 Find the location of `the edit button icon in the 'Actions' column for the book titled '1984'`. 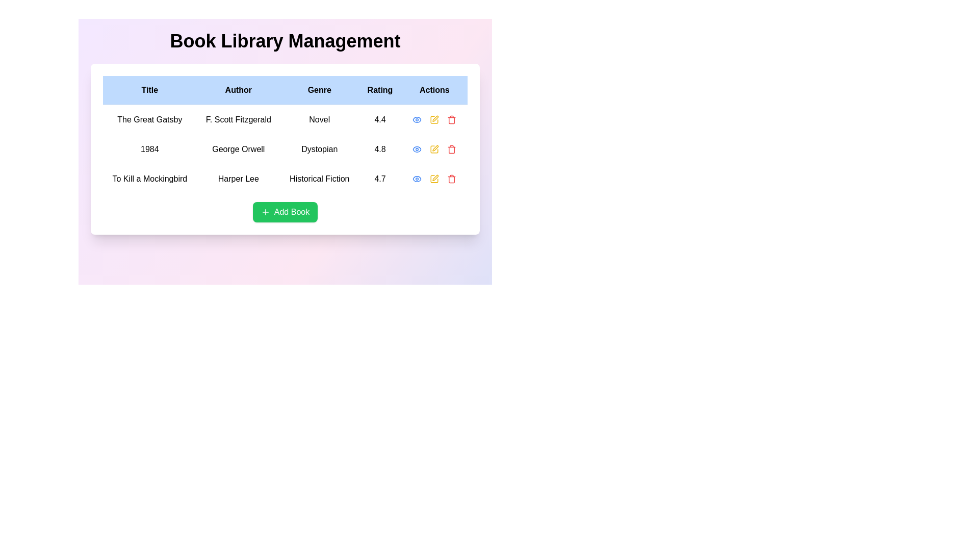

the edit button icon in the 'Actions' column for the book titled '1984' is located at coordinates (434, 149).